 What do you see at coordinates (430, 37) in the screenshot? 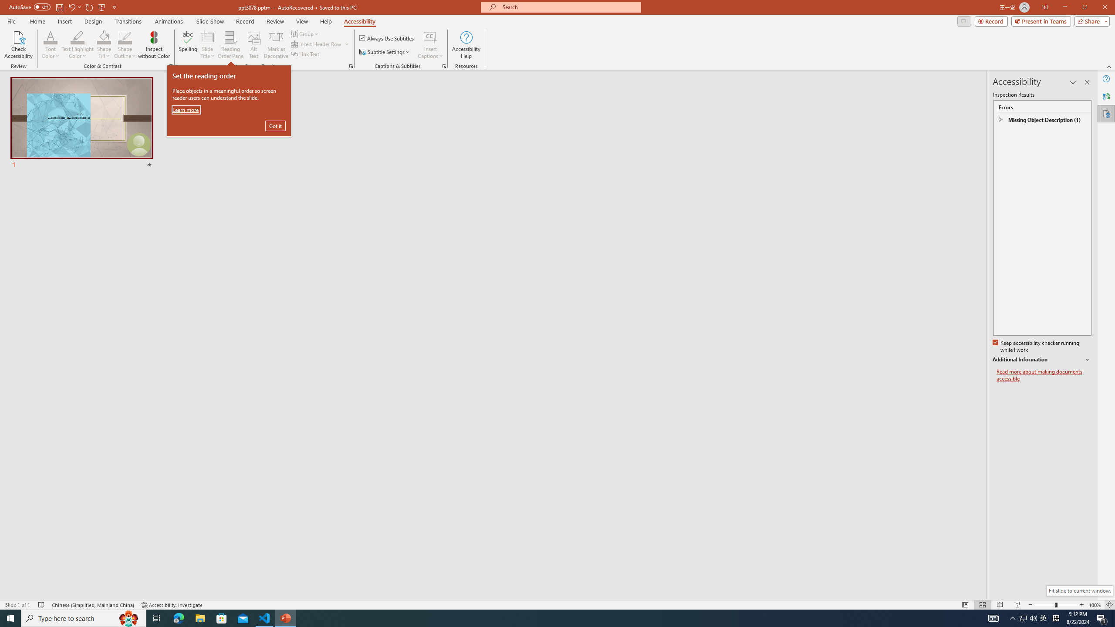
I see `'Insert Captions'` at bounding box center [430, 37].